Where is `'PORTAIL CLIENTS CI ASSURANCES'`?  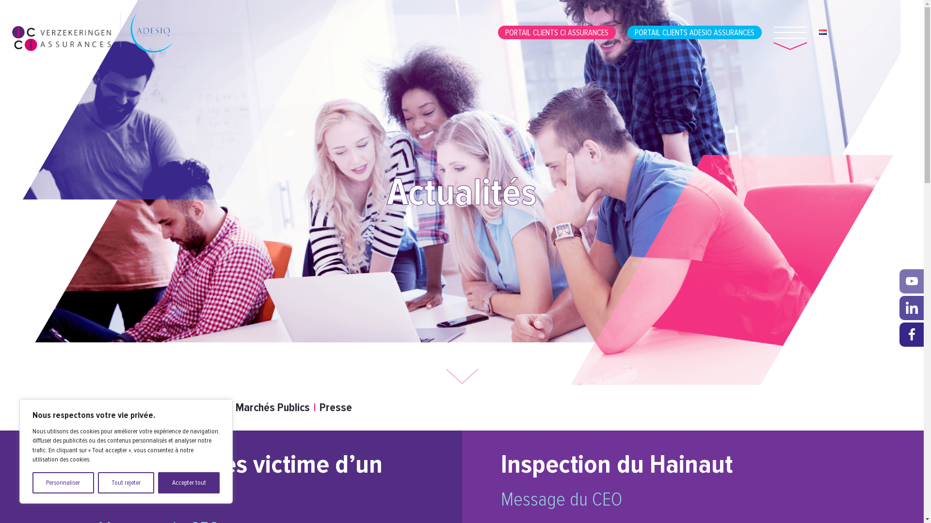
'PORTAIL CLIENTS CI ASSURANCES' is located at coordinates (498, 32).